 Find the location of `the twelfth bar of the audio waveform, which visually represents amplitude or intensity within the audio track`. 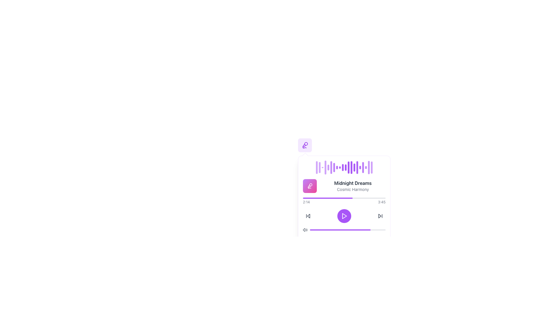

the twelfth bar of the audio waveform, which visually represents amplitude or intensity within the audio track is located at coordinates (345, 167).